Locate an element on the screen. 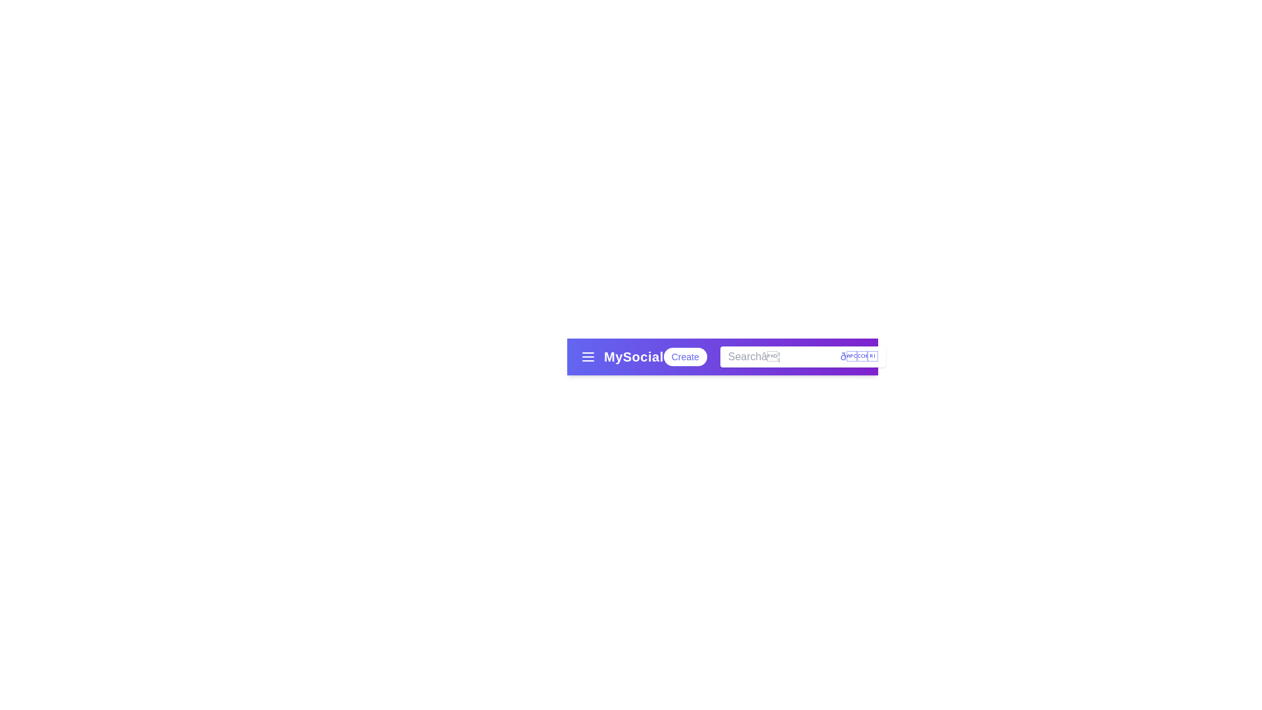 The height and width of the screenshot is (710, 1262). the menu_icon to observe its hover effect is located at coordinates (587, 357).